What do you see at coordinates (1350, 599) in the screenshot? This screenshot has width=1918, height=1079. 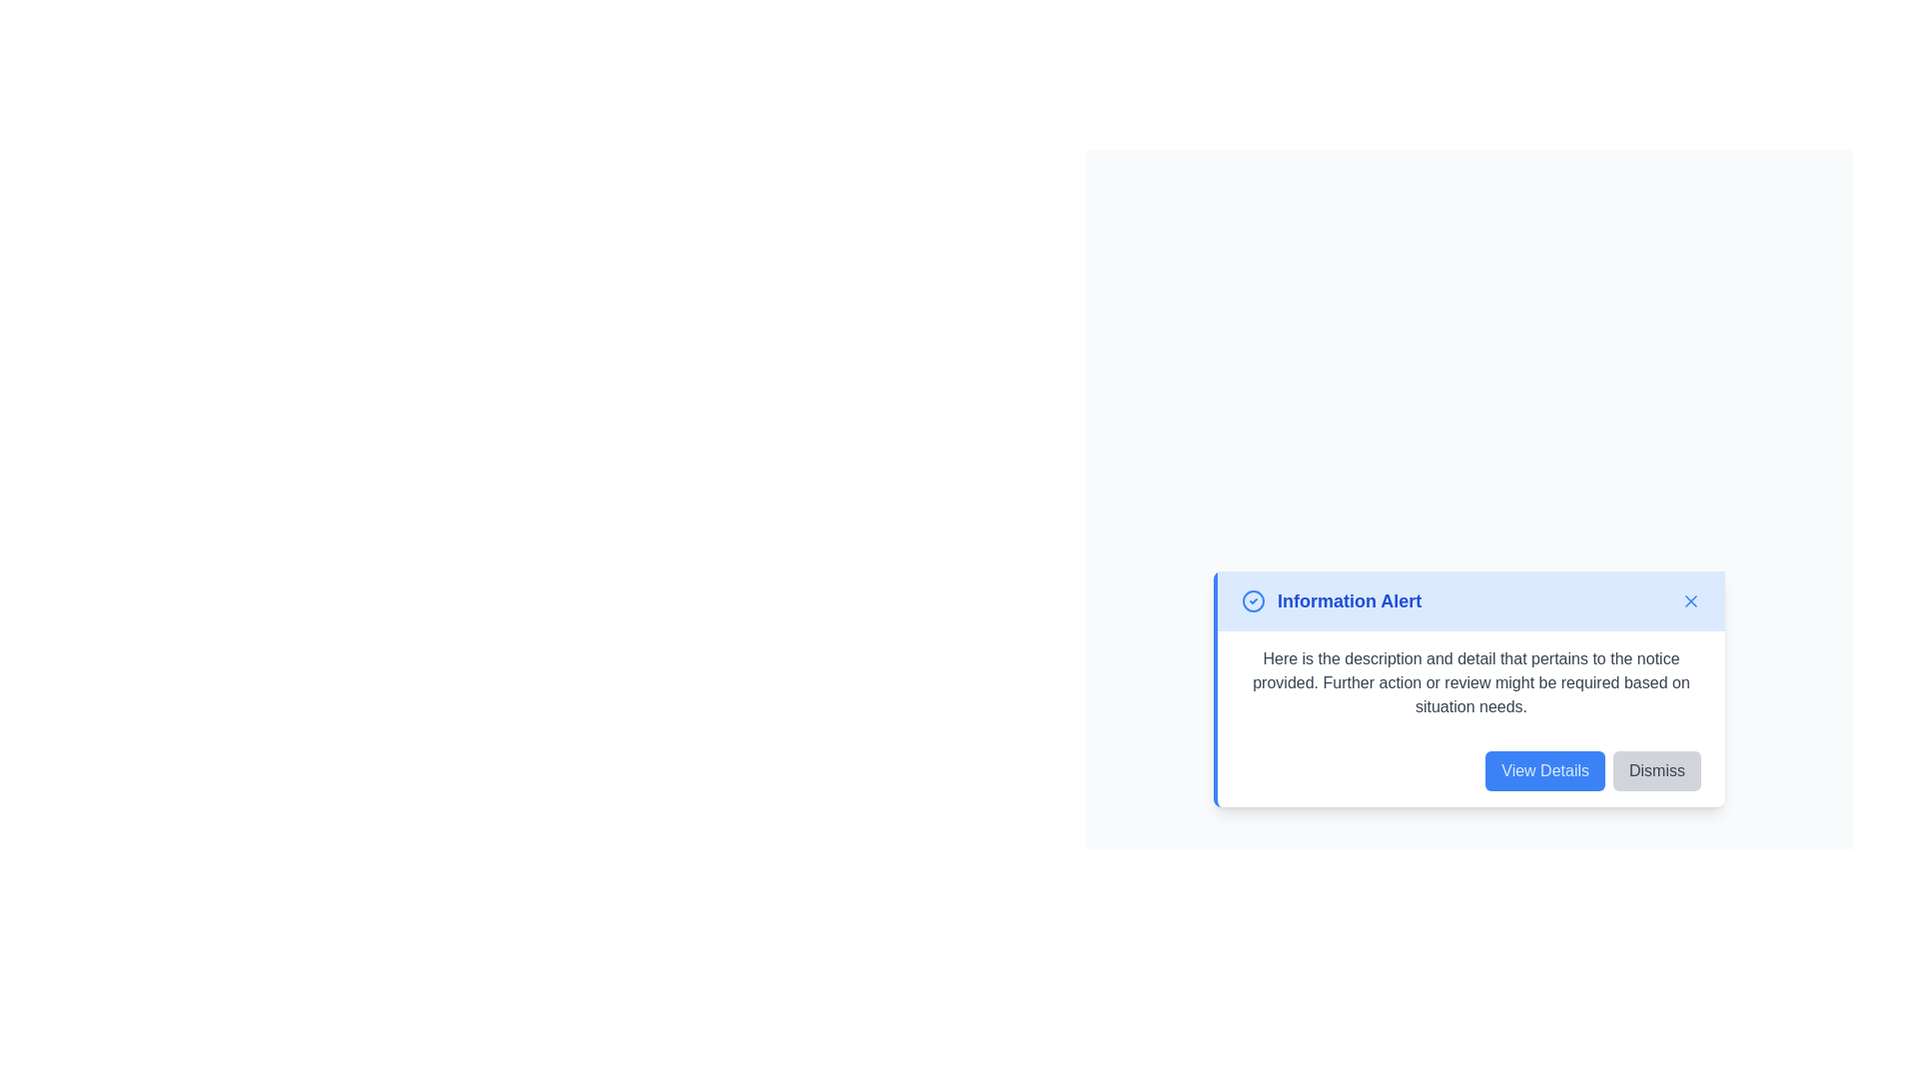 I see `text content of the 'Information Alert' label, which is styled in blue and bold, located in the notification box` at bounding box center [1350, 599].